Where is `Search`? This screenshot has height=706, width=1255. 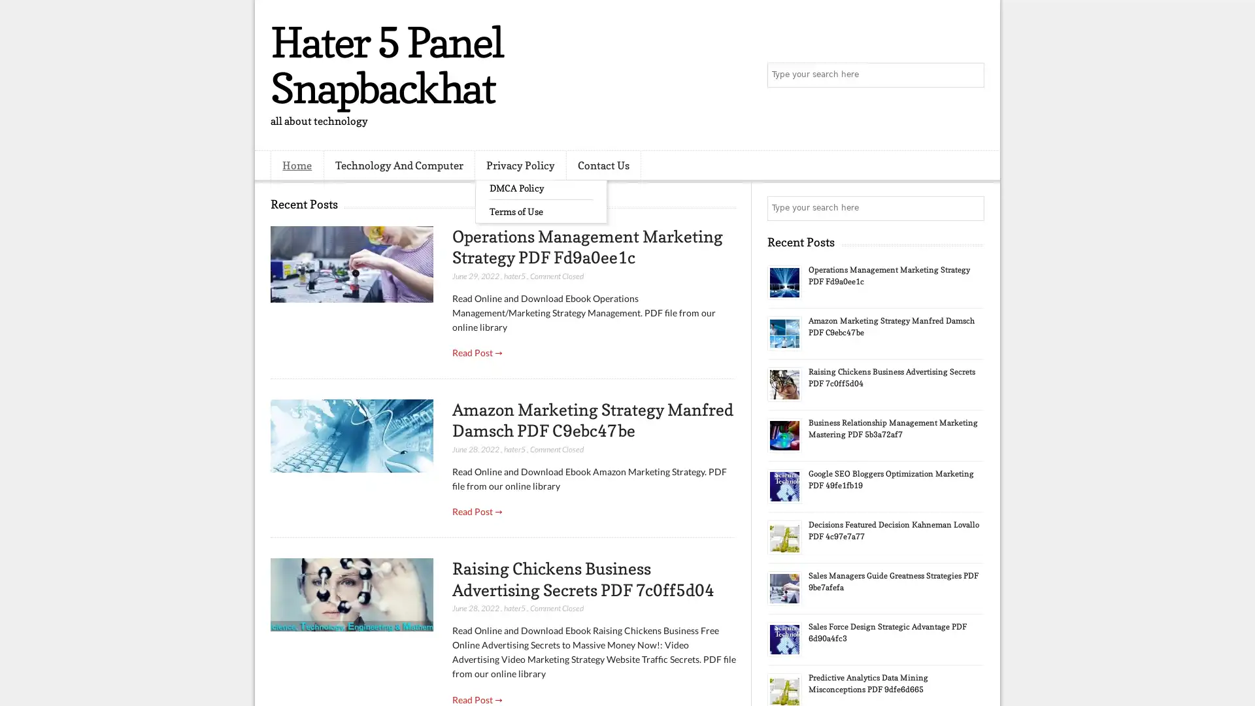 Search is located at coordinates (971, 208).